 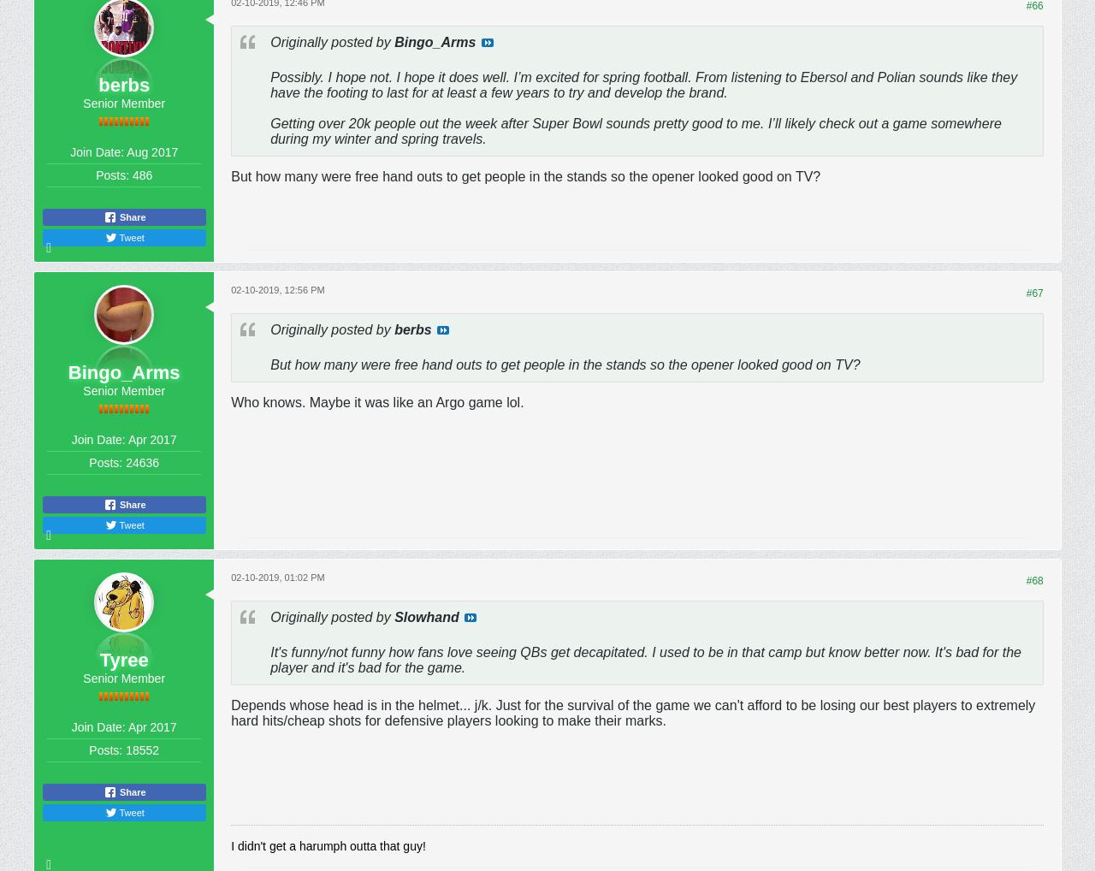 What do you see at coordinates (142, 461) in the screenshot?
I see `'24636'` at bounding box center [142, 461].